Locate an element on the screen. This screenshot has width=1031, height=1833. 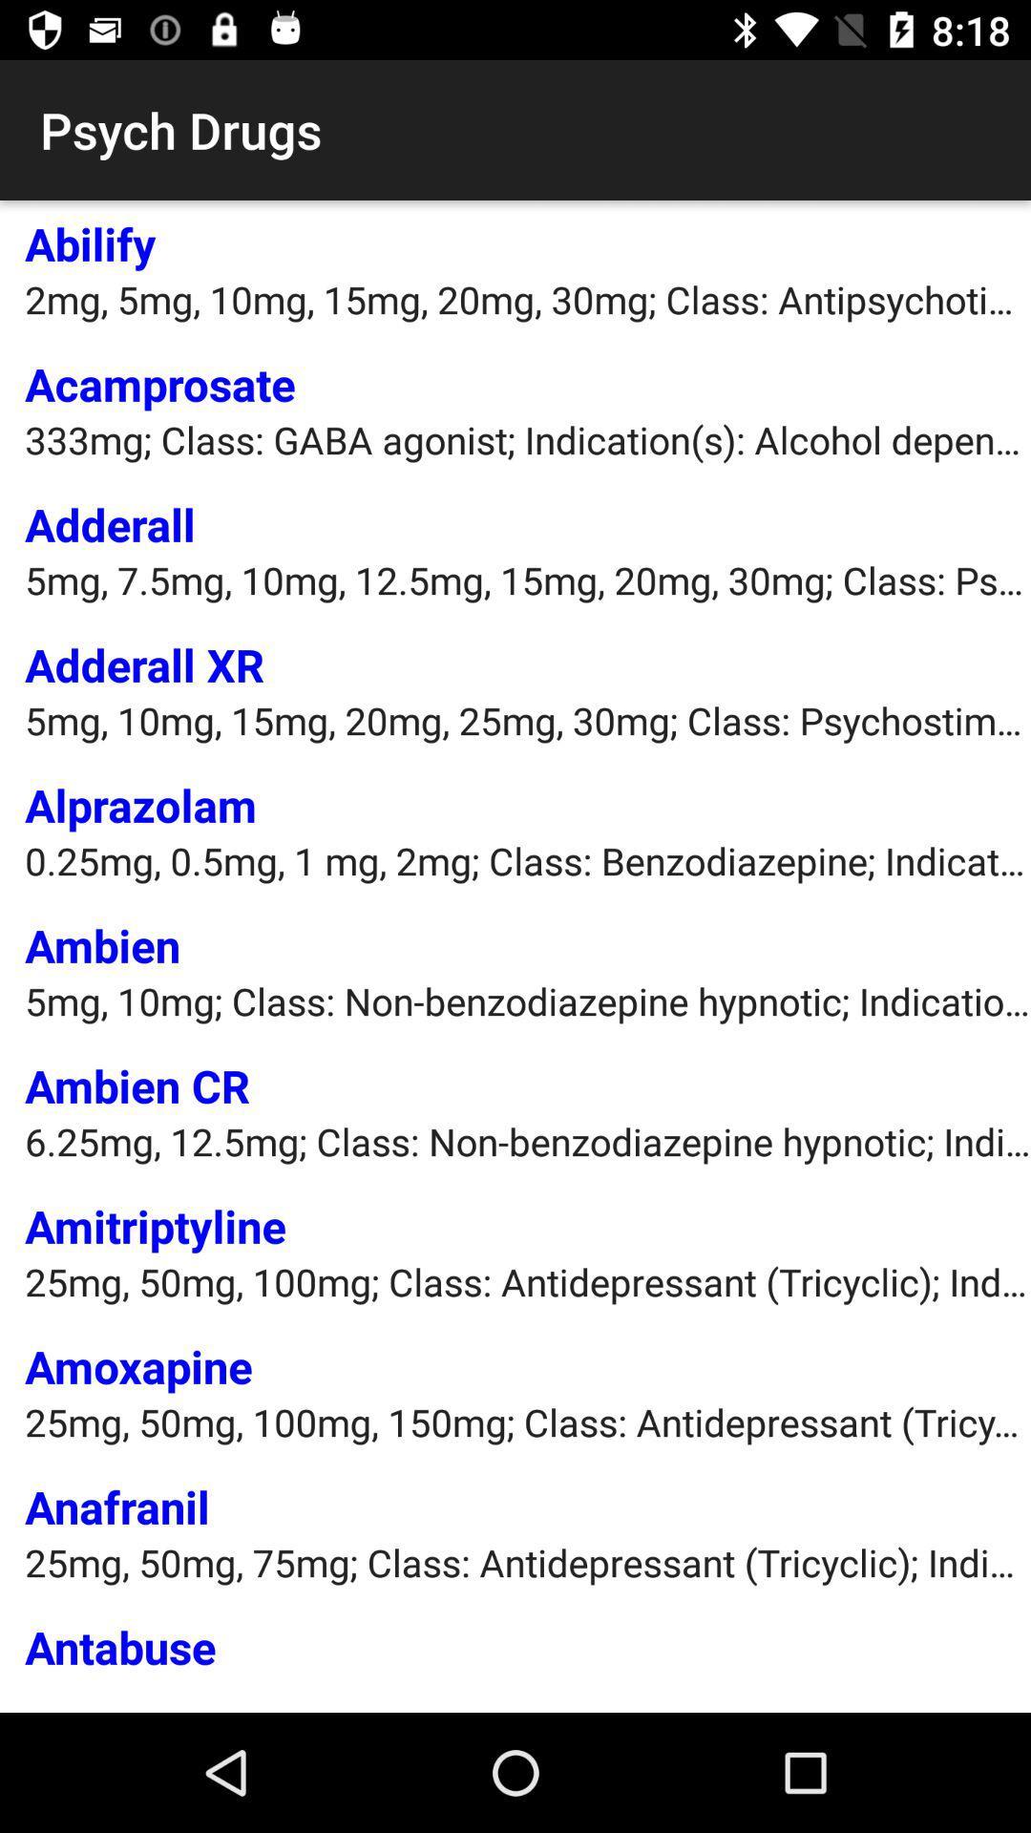
item below 25mg 50mg 100mg app is located at coordinates (137, 1365).